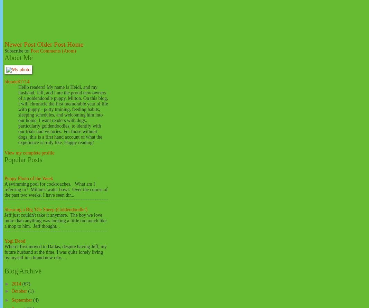 This screenshot has width=369, height=308. Describe the element at coordinates (19, 44) in the screenshot. I see `'Newer Post'` at that location.